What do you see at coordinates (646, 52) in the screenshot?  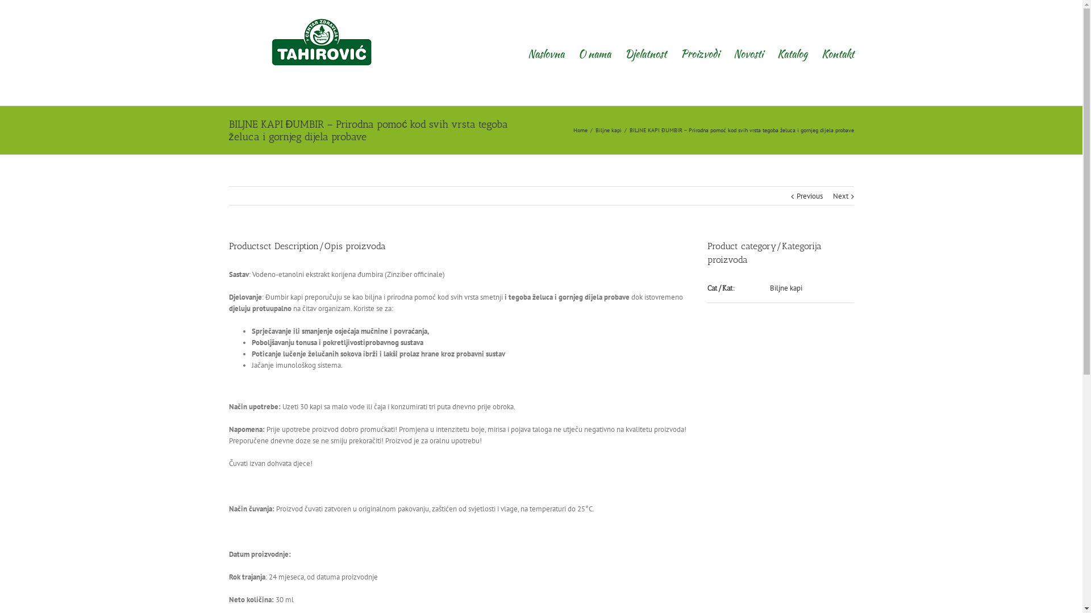 I see `'Djelatnost'` at bounding box center [646, 52].